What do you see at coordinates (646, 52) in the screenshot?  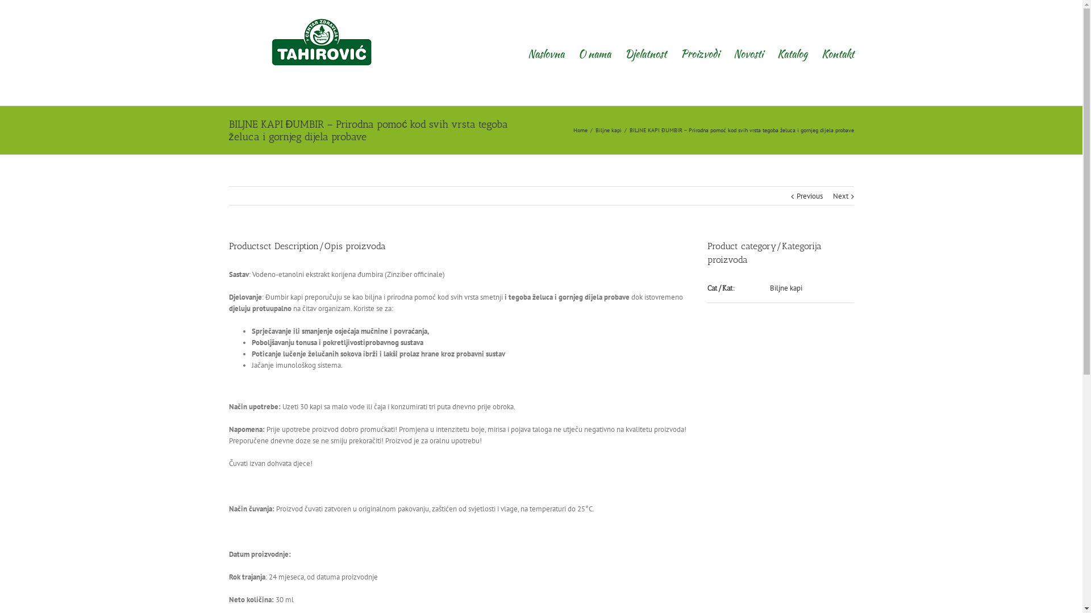 I see `'Djelatnost'` at bounding box center [646, 52].